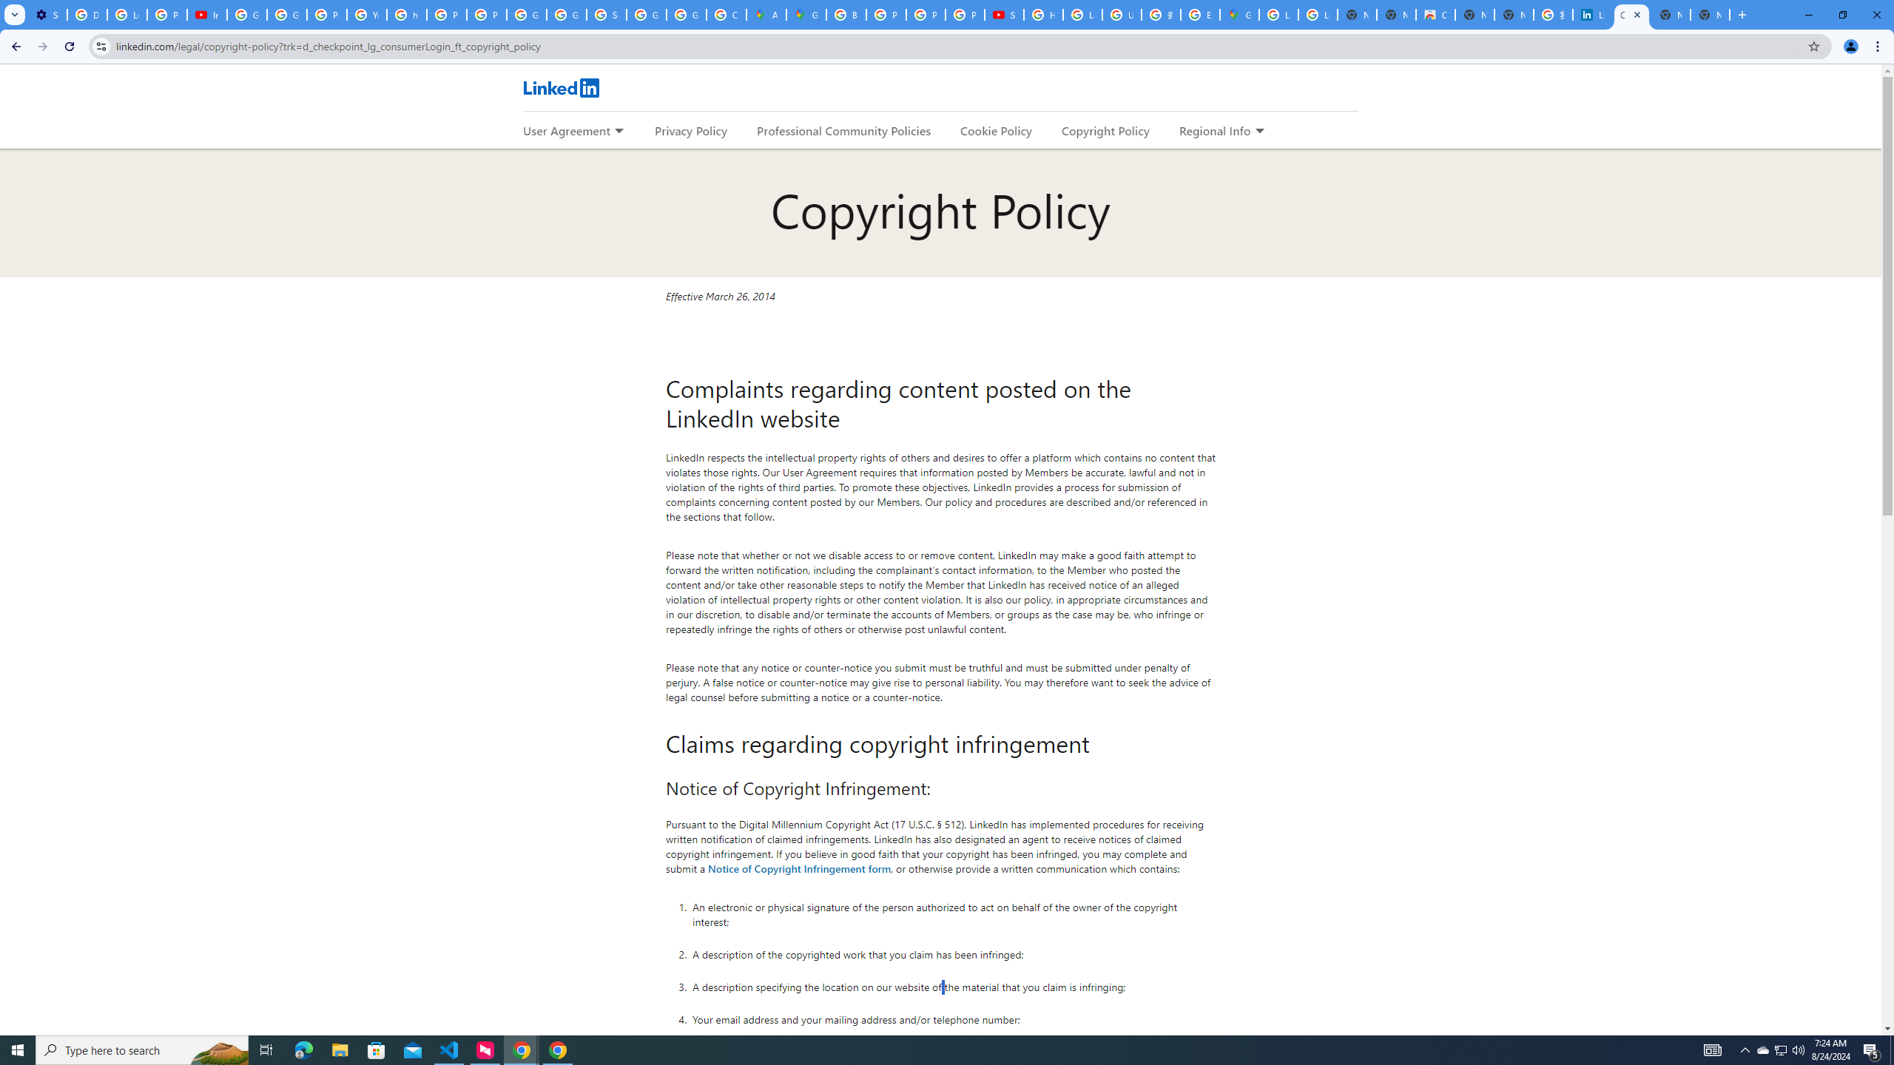 The height and width of the screenshot is (1065, 1894). What do you see at coordinates (566, 130) in the screenshot?
I see `'User Agreement'` at bounding box center [566, 130].